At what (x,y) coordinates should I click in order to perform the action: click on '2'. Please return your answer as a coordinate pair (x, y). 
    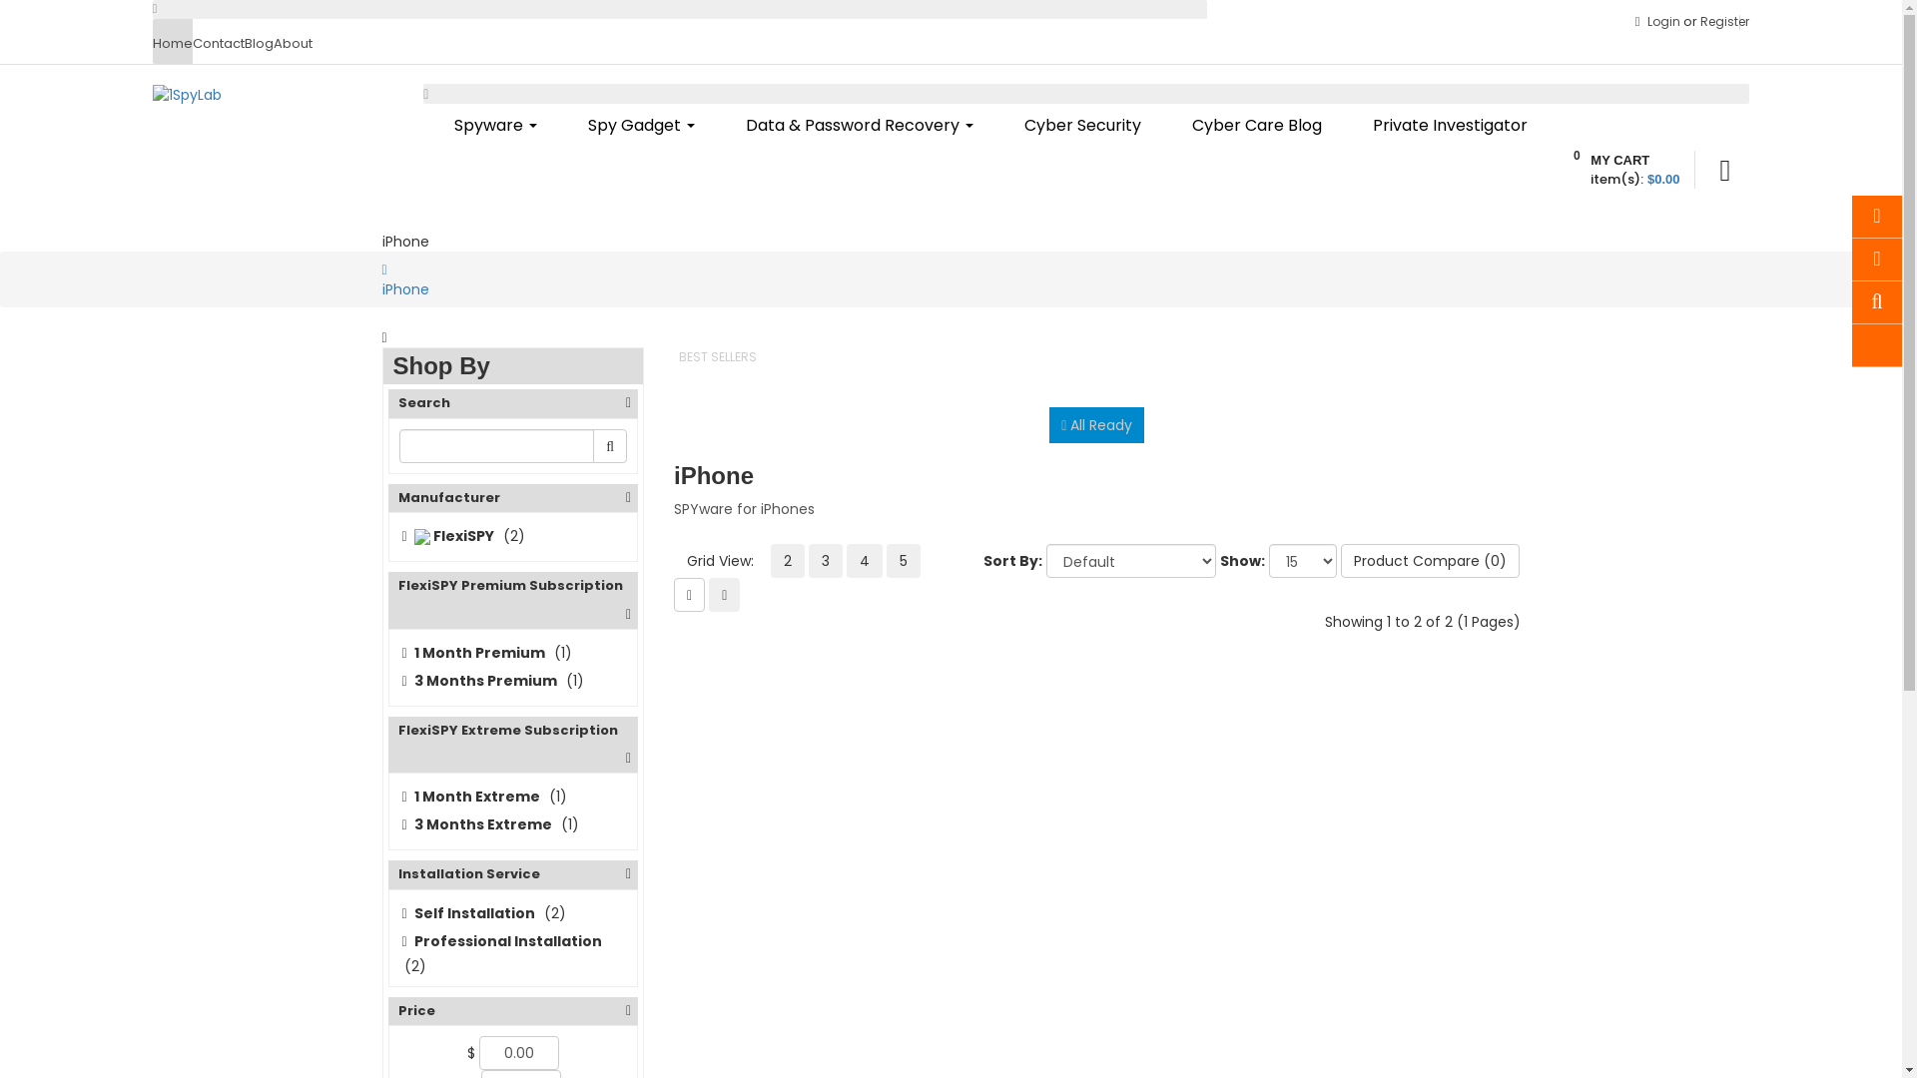
    Looking at the image, I should click on (786, 561).